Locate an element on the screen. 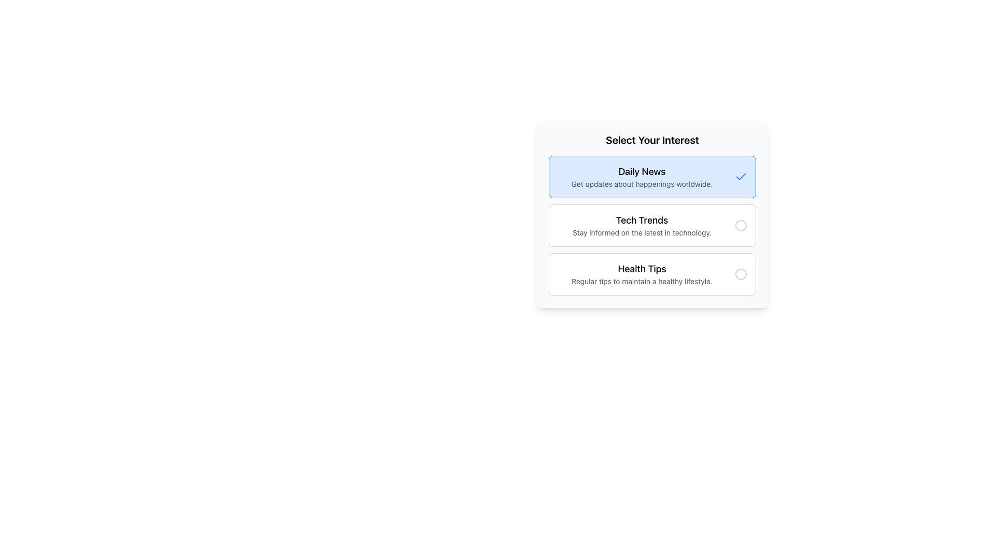 This screenshot has width=995, height=559. text label that says 'Get updates about happenings worldwide.' This label is located below the 'Daily News' heading within a selectable card is located at coordinates (641, 183).